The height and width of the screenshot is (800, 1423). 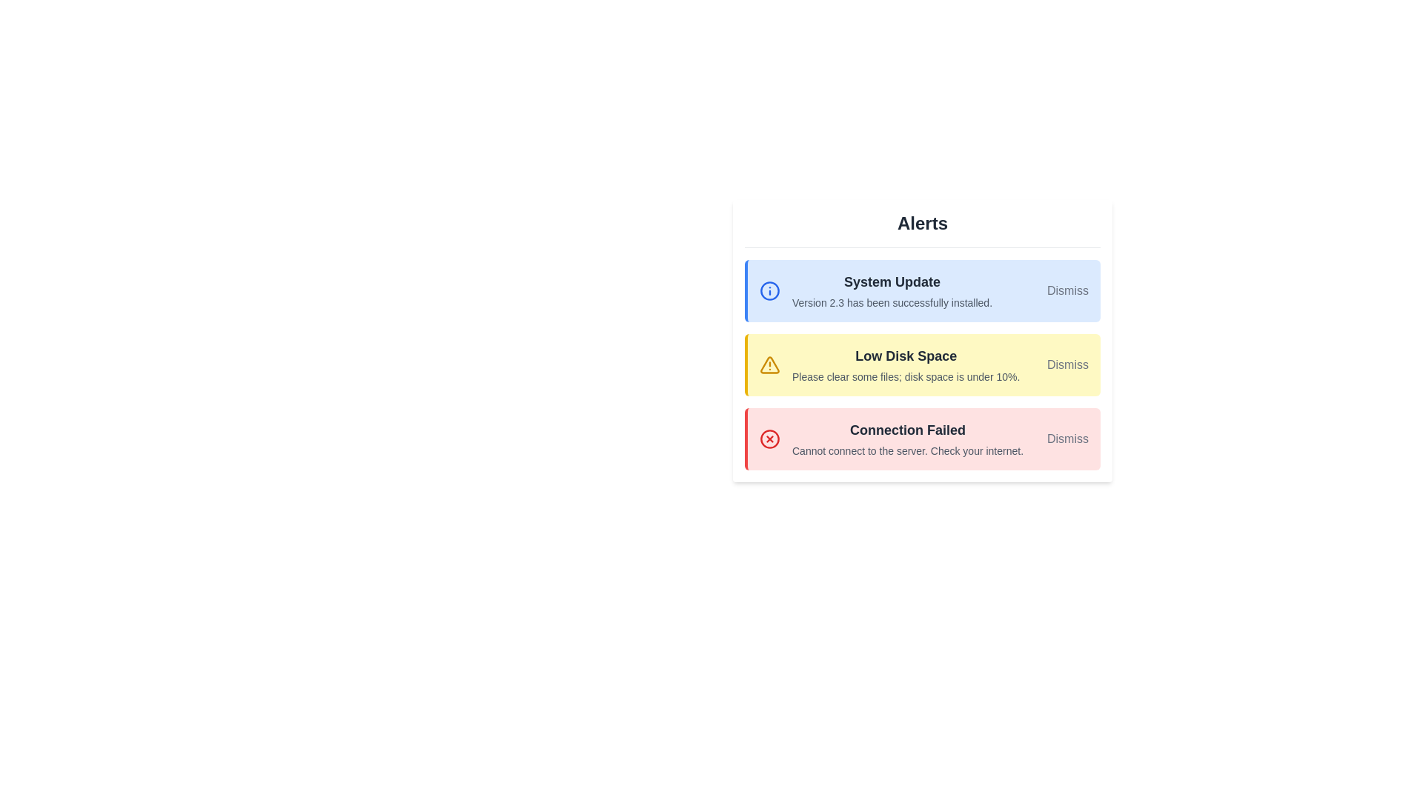 I want to click on notification panel that displays 'System Update' and details about 'Version 2.3 has been successfully installed.', so click(x=921, y=291).